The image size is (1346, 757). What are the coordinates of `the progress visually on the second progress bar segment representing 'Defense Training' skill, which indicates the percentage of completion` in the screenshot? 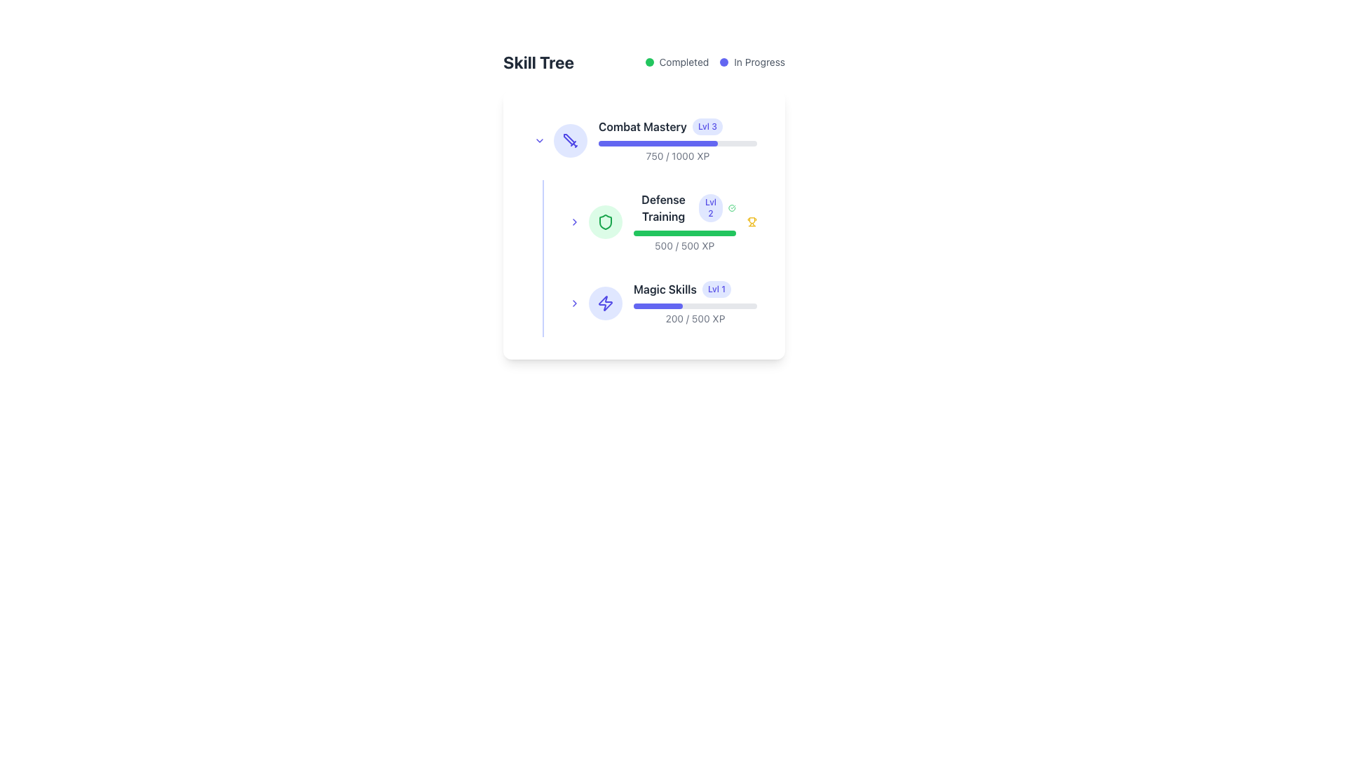 It's located at (658, 305).